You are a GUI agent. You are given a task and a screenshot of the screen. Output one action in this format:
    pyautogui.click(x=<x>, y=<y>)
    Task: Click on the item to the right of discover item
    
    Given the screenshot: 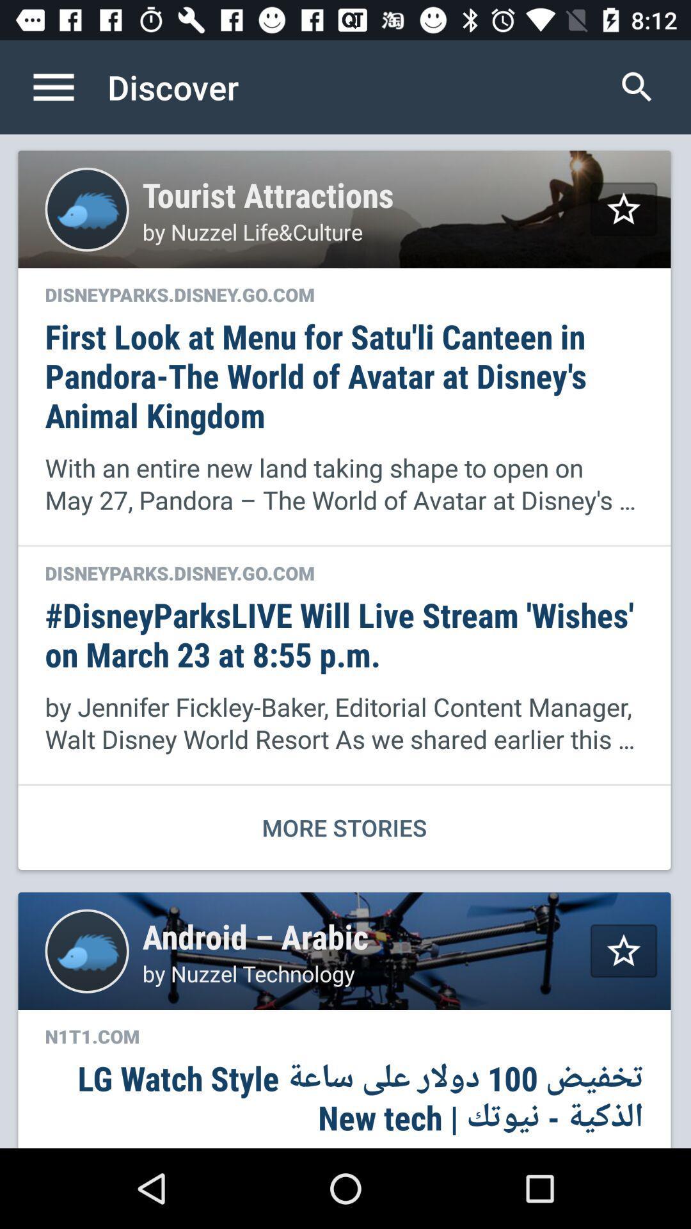 What is the action you would take?
    pyautogui.click(x=637, y=86)
    